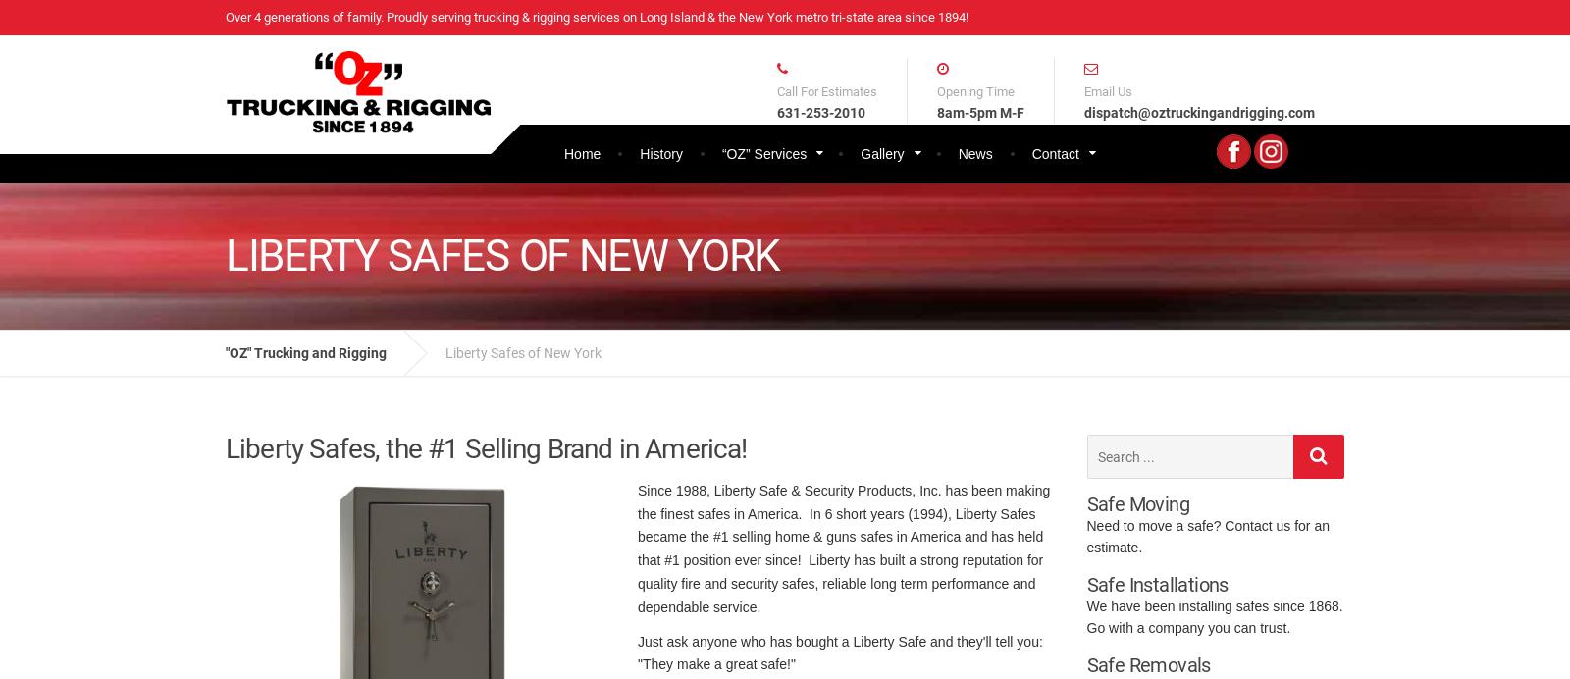  What do you see at coordinates (1108, 90) in the screenshot?
I see `'Email Us'` at bounding box center [1108, 90].